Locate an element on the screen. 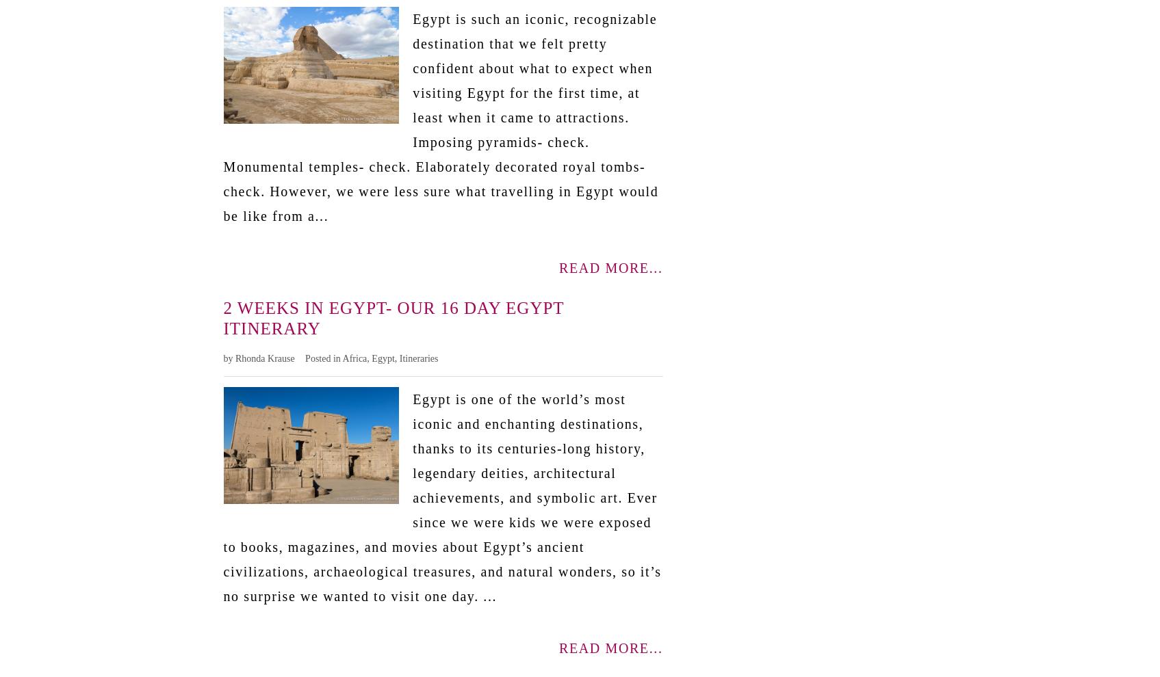 Image resolution: width=1160 pixels, height=677 pixels. 'Egypt is such an iconic, recognizable destination that we felt pretty confident about what to expect when visiting Egypt for the first time, at least when it came to attractions. Imposing pyramids- check. Monumental temples- check. Elaborately decorated royal tombs- check. However, we were less sure what travelling in Egypt would be like from a...' is located at coordinates (222, 116).